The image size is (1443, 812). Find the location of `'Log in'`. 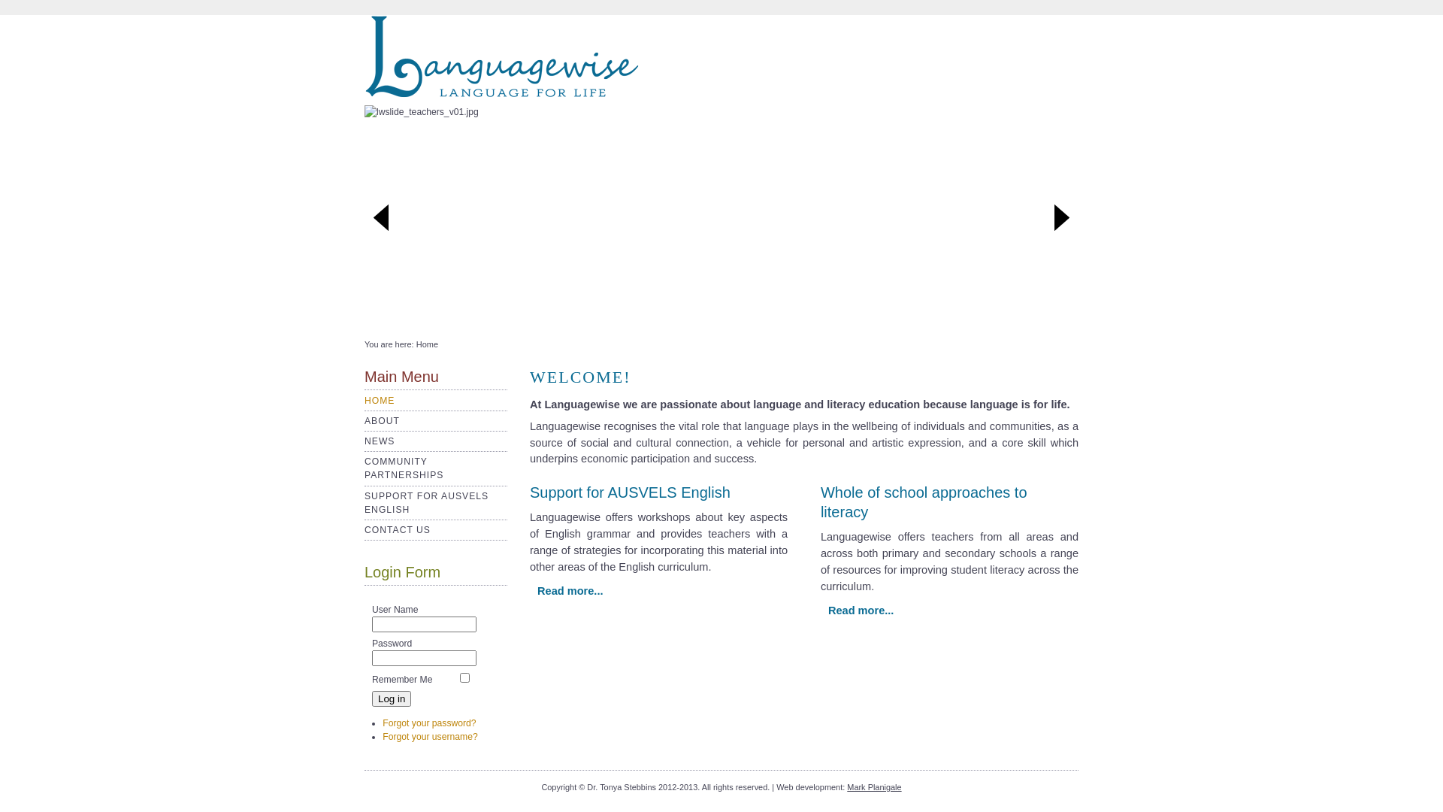

'Log in' is located at coordinates (392, 698).